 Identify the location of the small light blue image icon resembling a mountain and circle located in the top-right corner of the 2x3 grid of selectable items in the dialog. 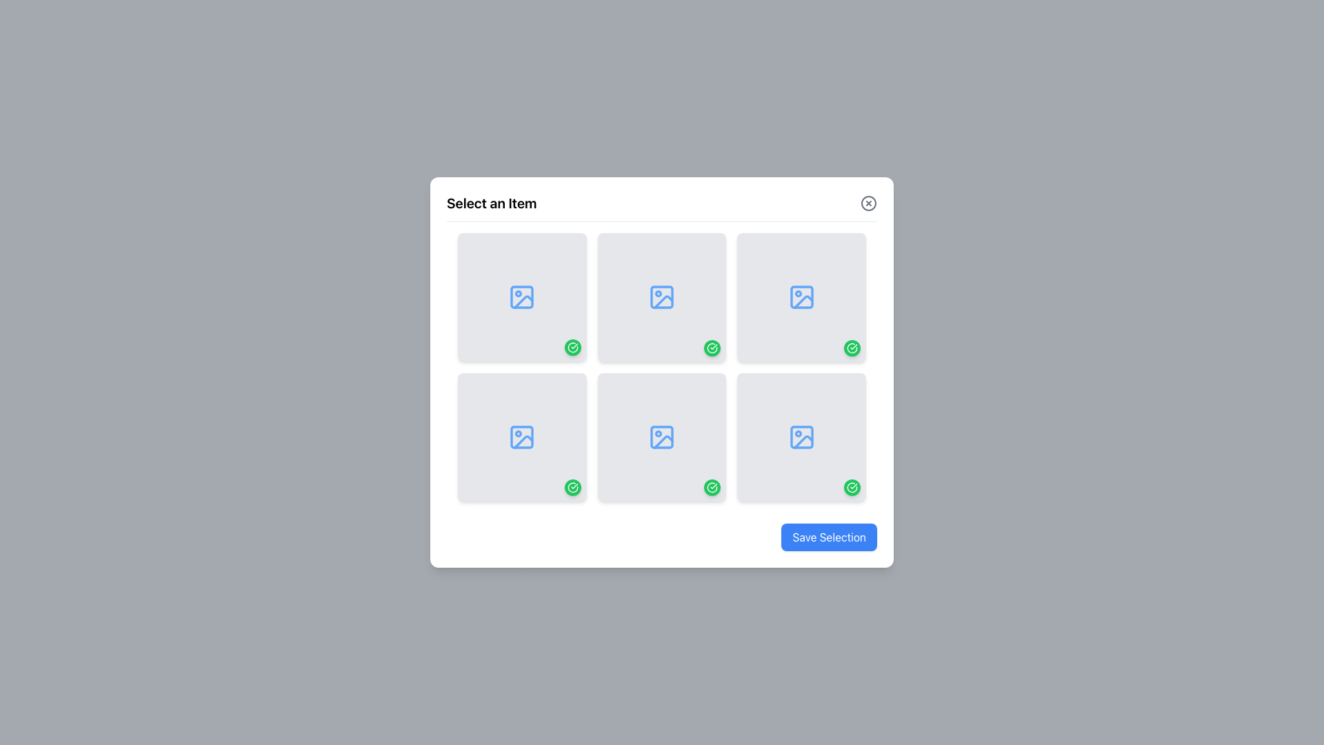
(801, 297).